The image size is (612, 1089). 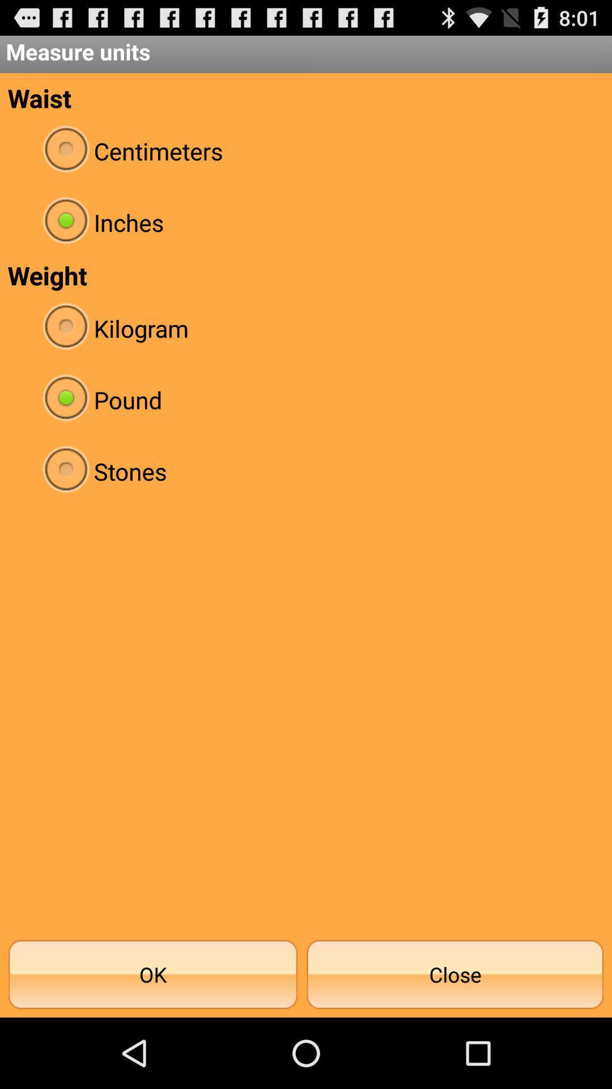 I want to click on kilogram item, so click(x=306, y=328).